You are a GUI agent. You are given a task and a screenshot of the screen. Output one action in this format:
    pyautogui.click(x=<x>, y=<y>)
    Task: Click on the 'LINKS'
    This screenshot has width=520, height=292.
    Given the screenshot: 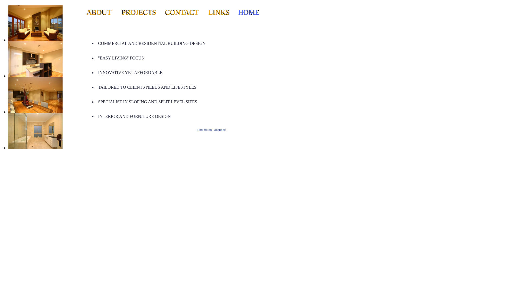 What is the action you would take?
    pyautogui.click(x=208, y=12)
    